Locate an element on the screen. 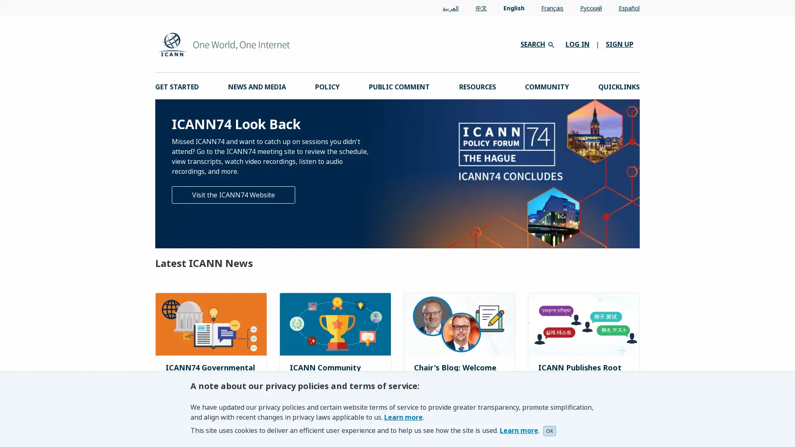 Image resolution: width=795 pixels, height=447 pixels. SEARCH is located at coordinates (537, 43).